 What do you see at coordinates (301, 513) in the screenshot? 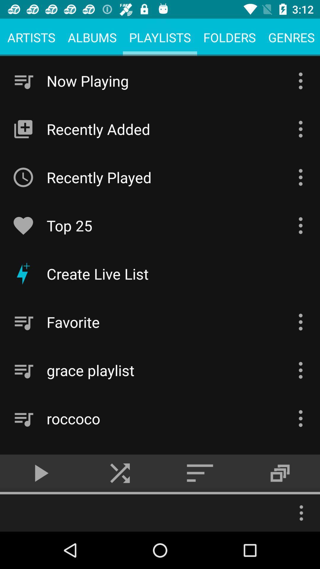
I see `the more icon` at bounding box center [301, 513].